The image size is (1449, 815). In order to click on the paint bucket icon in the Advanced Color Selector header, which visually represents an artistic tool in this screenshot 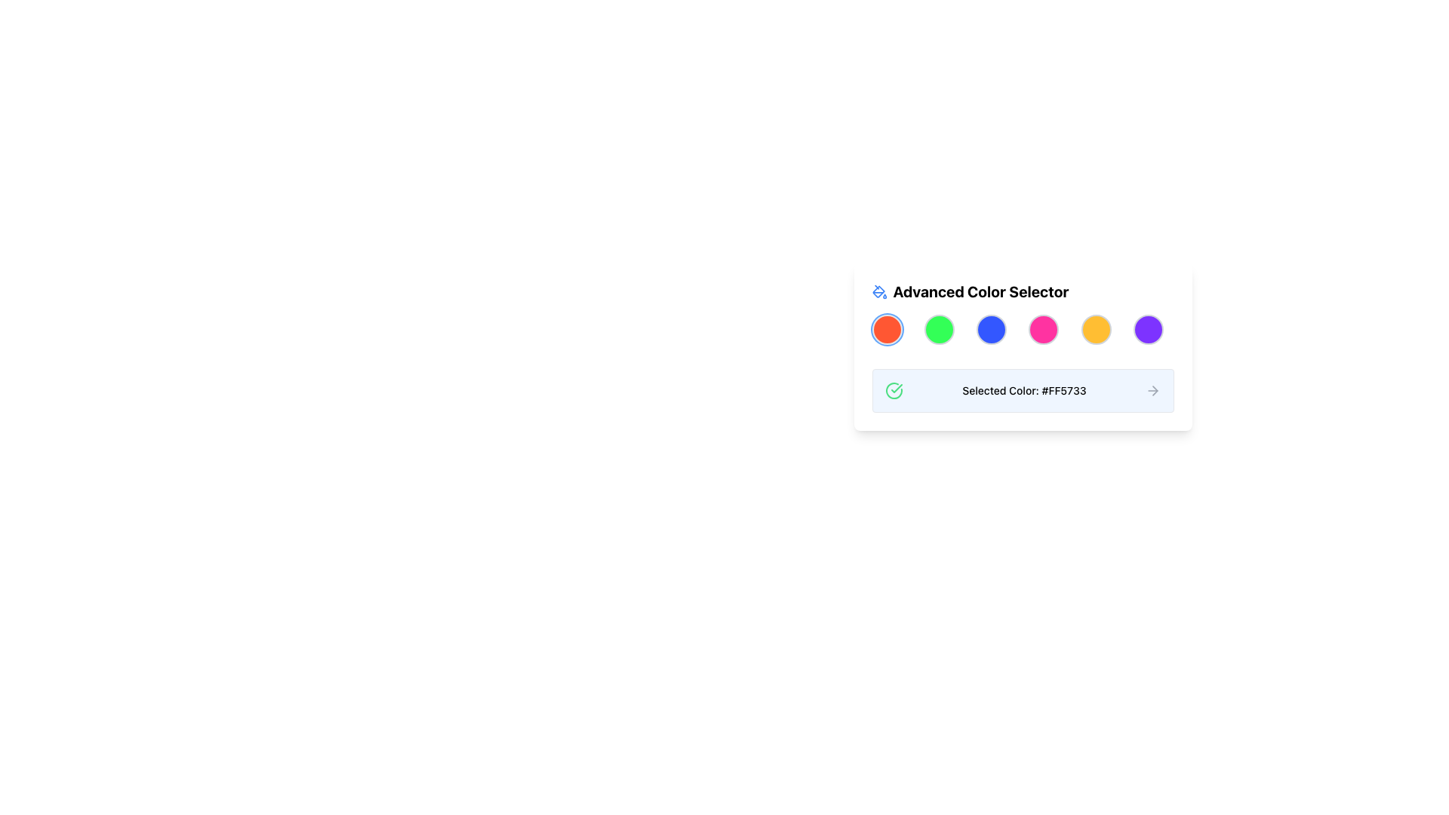, I will do `click(878, 291)`.